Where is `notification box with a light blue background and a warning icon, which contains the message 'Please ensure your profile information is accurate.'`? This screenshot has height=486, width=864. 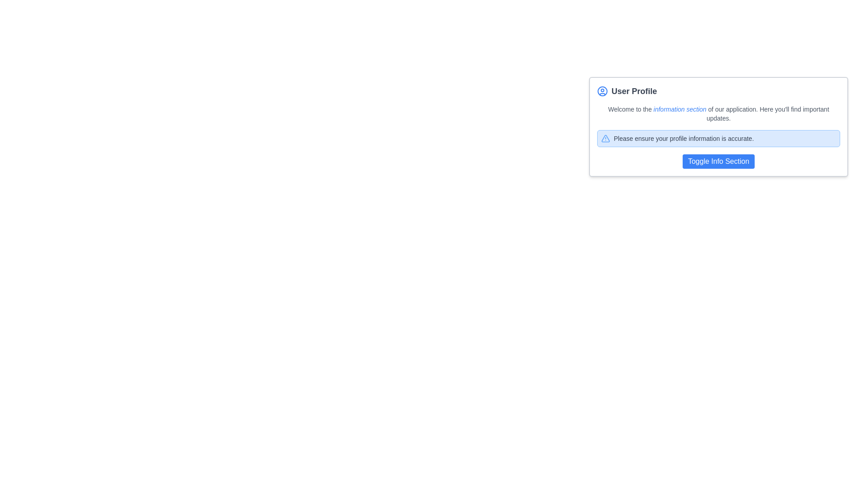
notification box with a light blue background and a warning icon, which contains the message 'Please ensure your profile information is accurate.' is located at coordinates (718, 139).